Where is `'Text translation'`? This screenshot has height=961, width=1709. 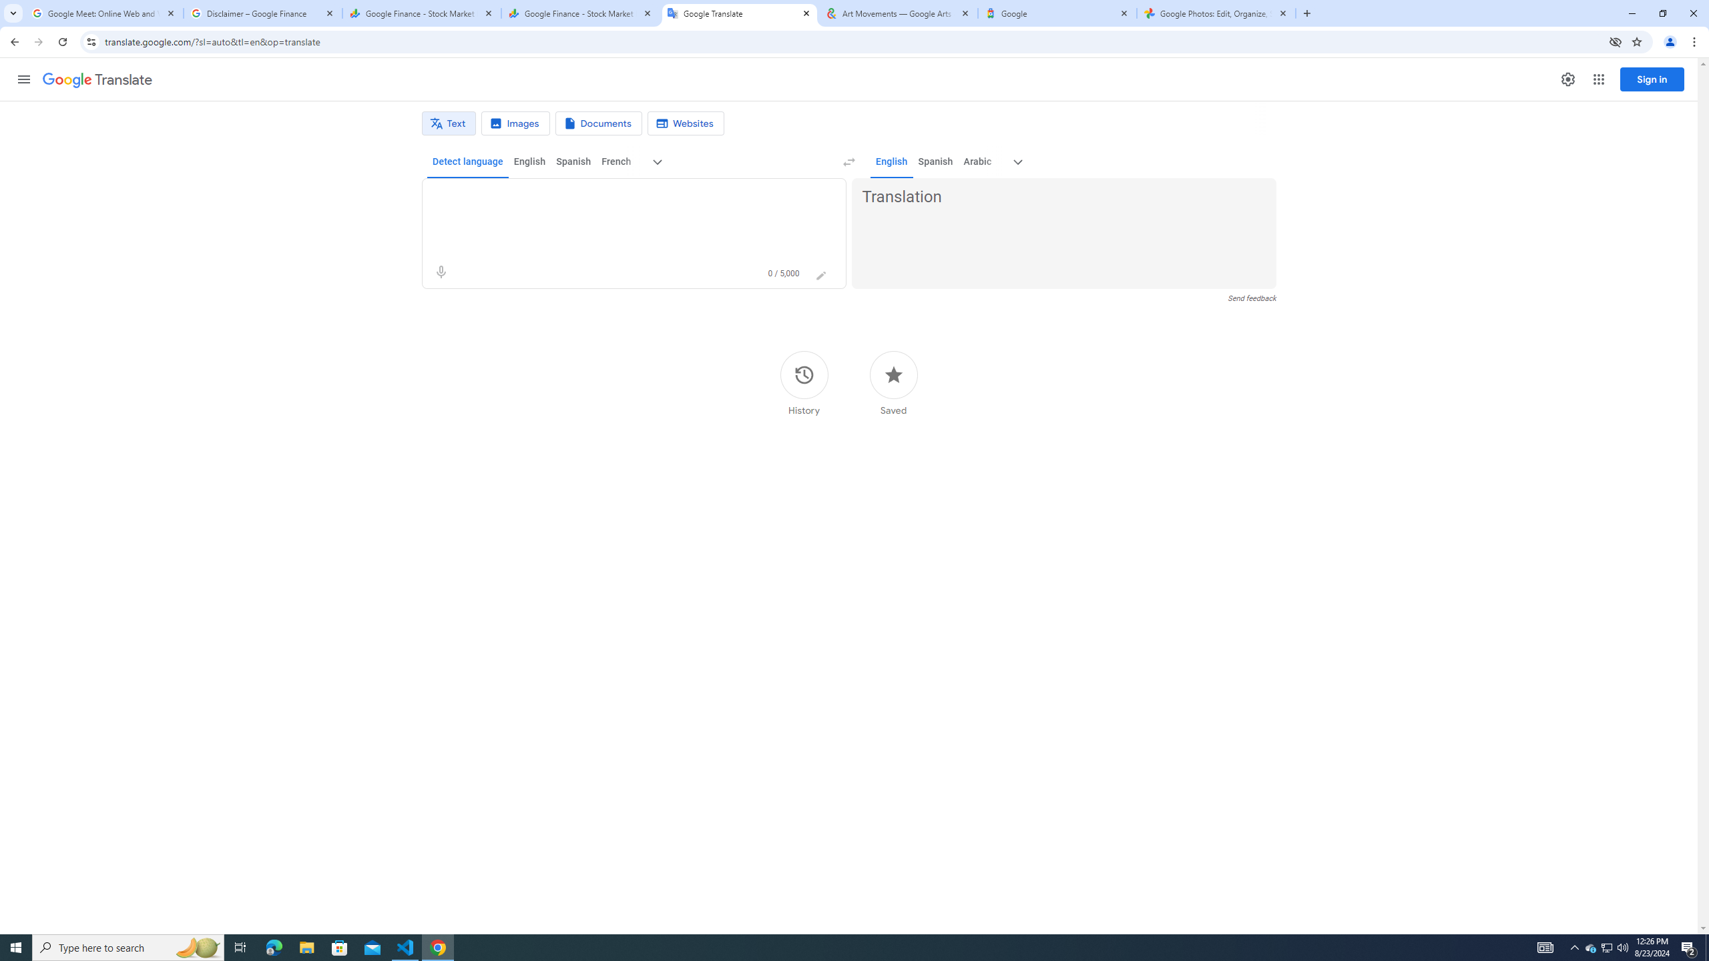 'Text translation' is located at coordinates (449, 123).